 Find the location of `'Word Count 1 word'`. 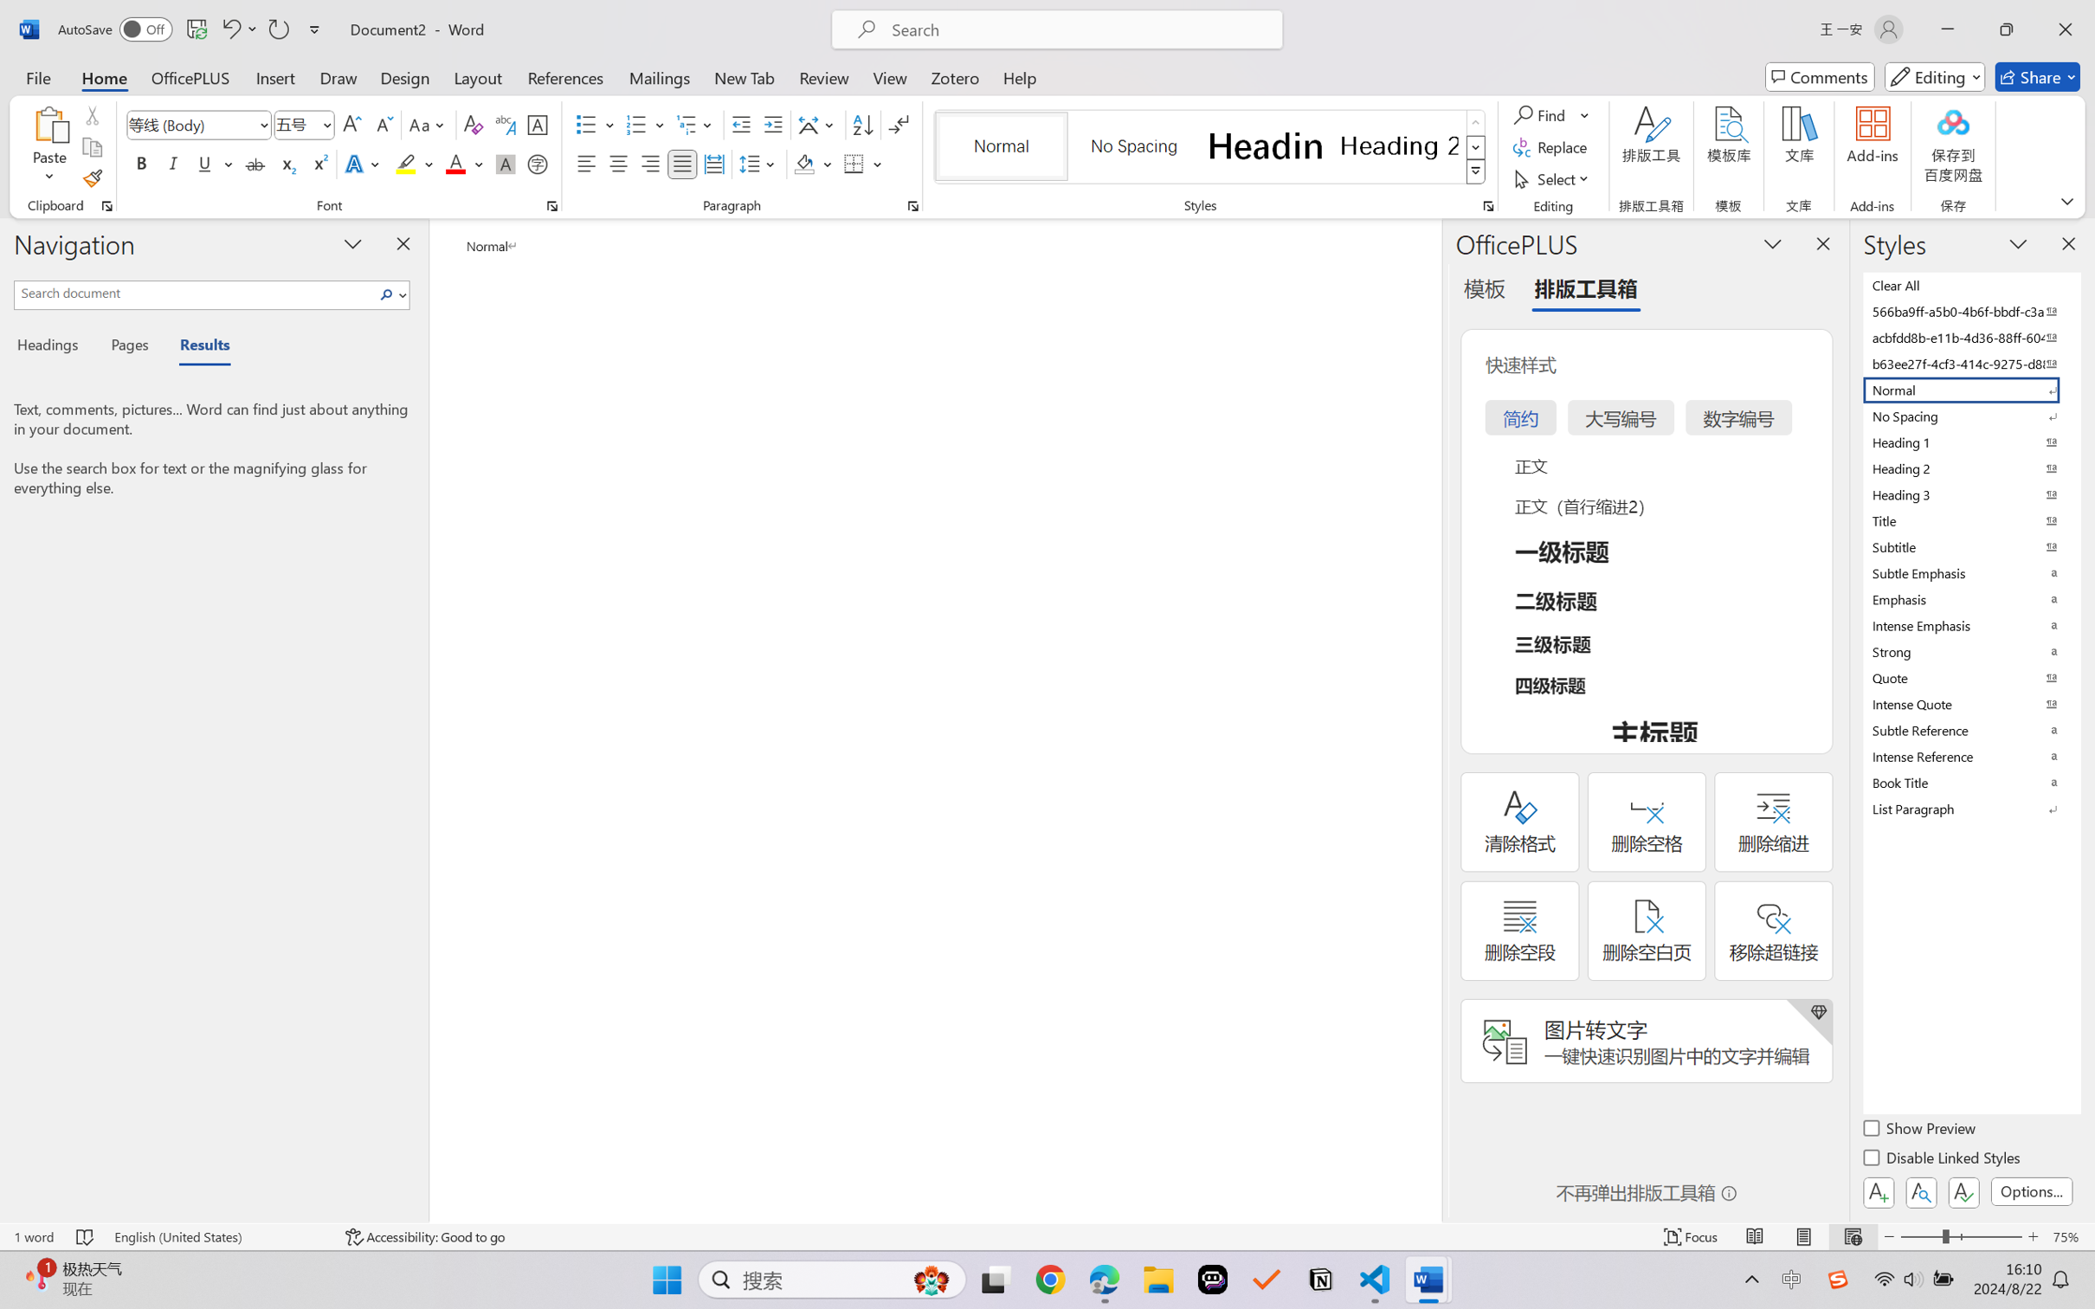

'Word Count 1 word' is located at coordinates (32, 1236).